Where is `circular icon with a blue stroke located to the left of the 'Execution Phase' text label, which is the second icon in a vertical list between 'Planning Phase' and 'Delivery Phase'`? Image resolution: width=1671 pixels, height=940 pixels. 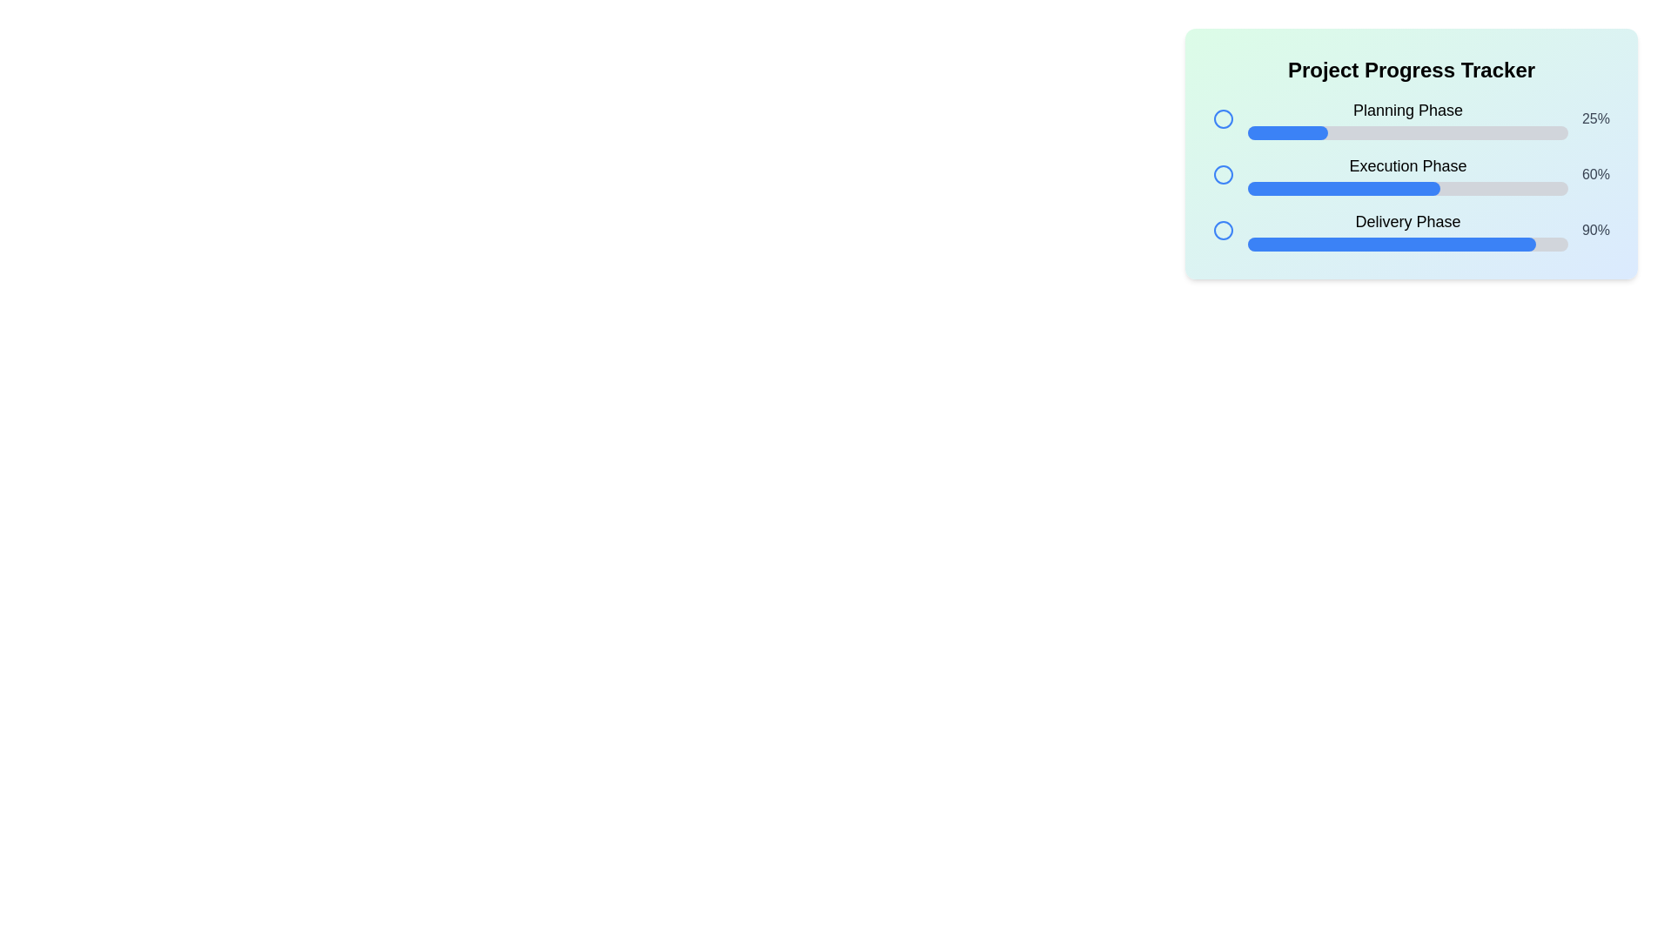
circular icon with a blue stroke located to the left of the 'Execution Phase' text label, which is the second icon in a vertical list between 'Planning Phase' and 'Delivery Phase' is located at coordinates (1223, 174).